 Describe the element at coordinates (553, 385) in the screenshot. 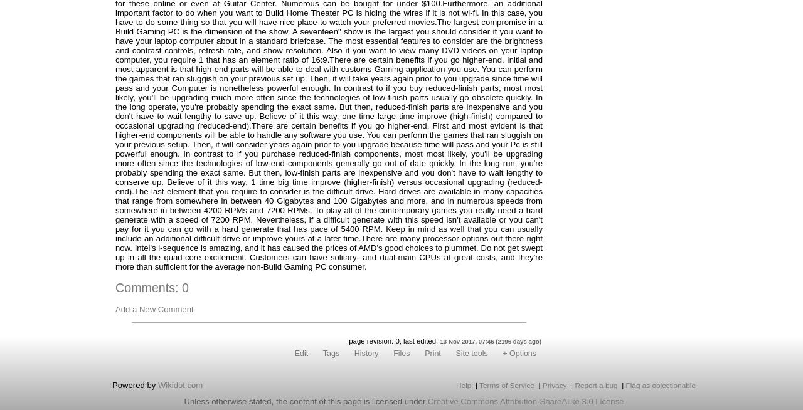

I see `'Privacy'` at that location.